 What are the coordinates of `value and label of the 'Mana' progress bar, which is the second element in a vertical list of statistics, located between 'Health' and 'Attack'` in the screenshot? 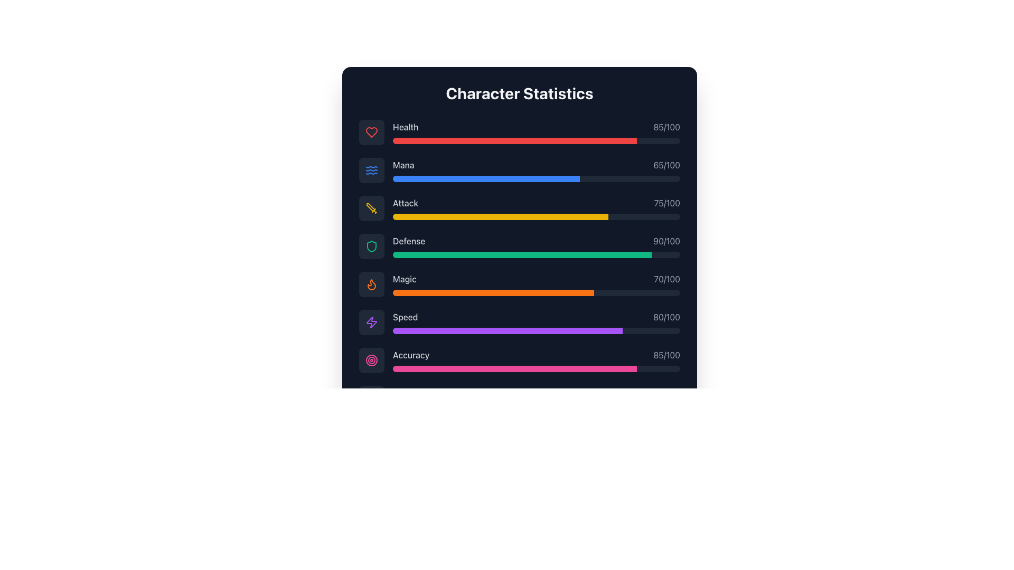 It's located at (537, 170).